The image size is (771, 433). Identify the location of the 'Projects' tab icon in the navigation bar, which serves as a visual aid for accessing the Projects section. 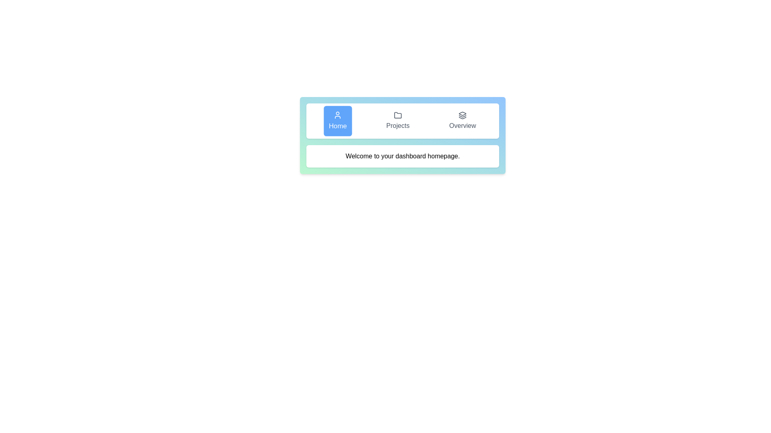
(398, 115).